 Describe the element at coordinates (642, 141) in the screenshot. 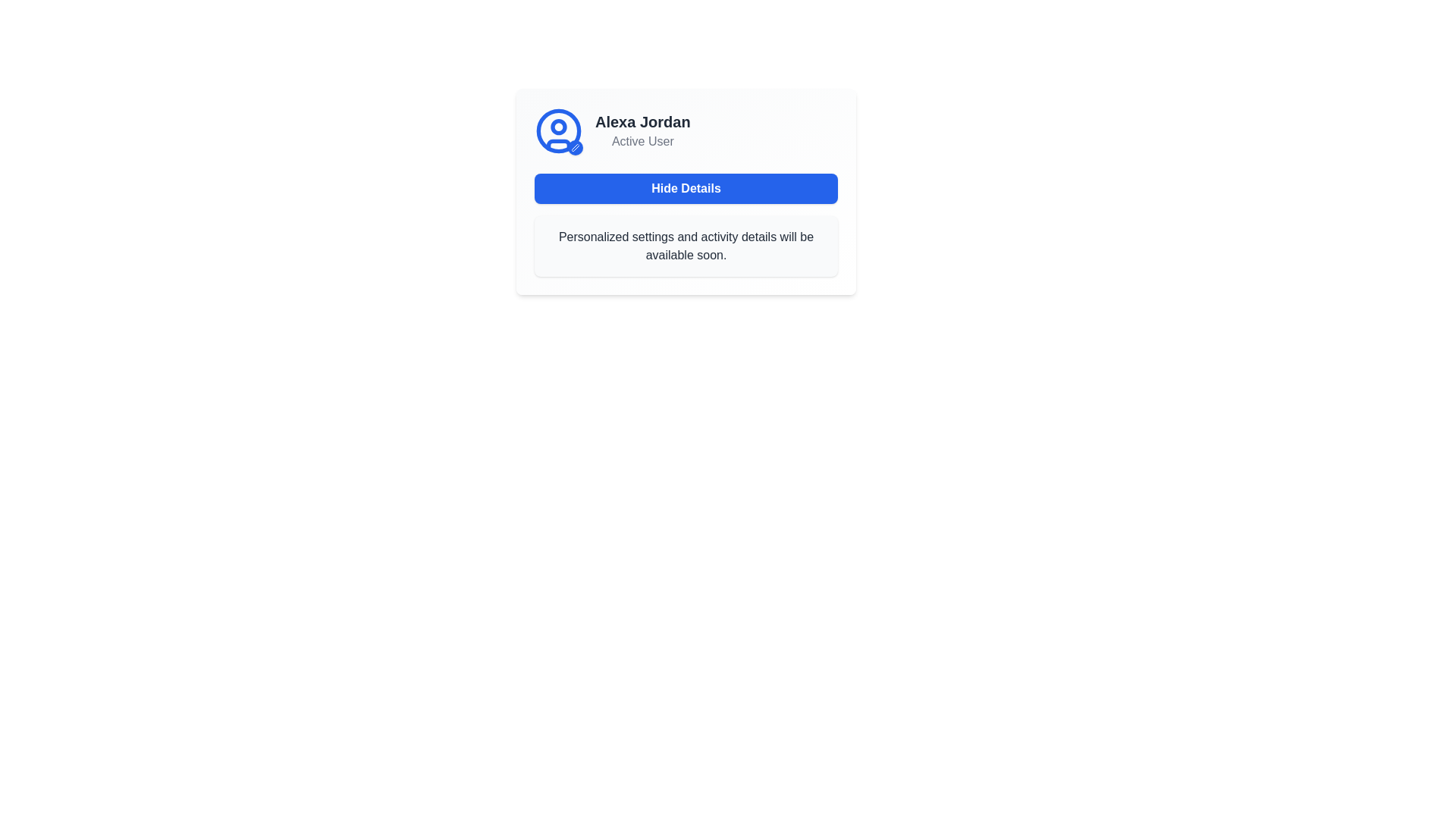

I see `descriptive text label located directly below 'Alexa Jordan' within the profile section` at that location.